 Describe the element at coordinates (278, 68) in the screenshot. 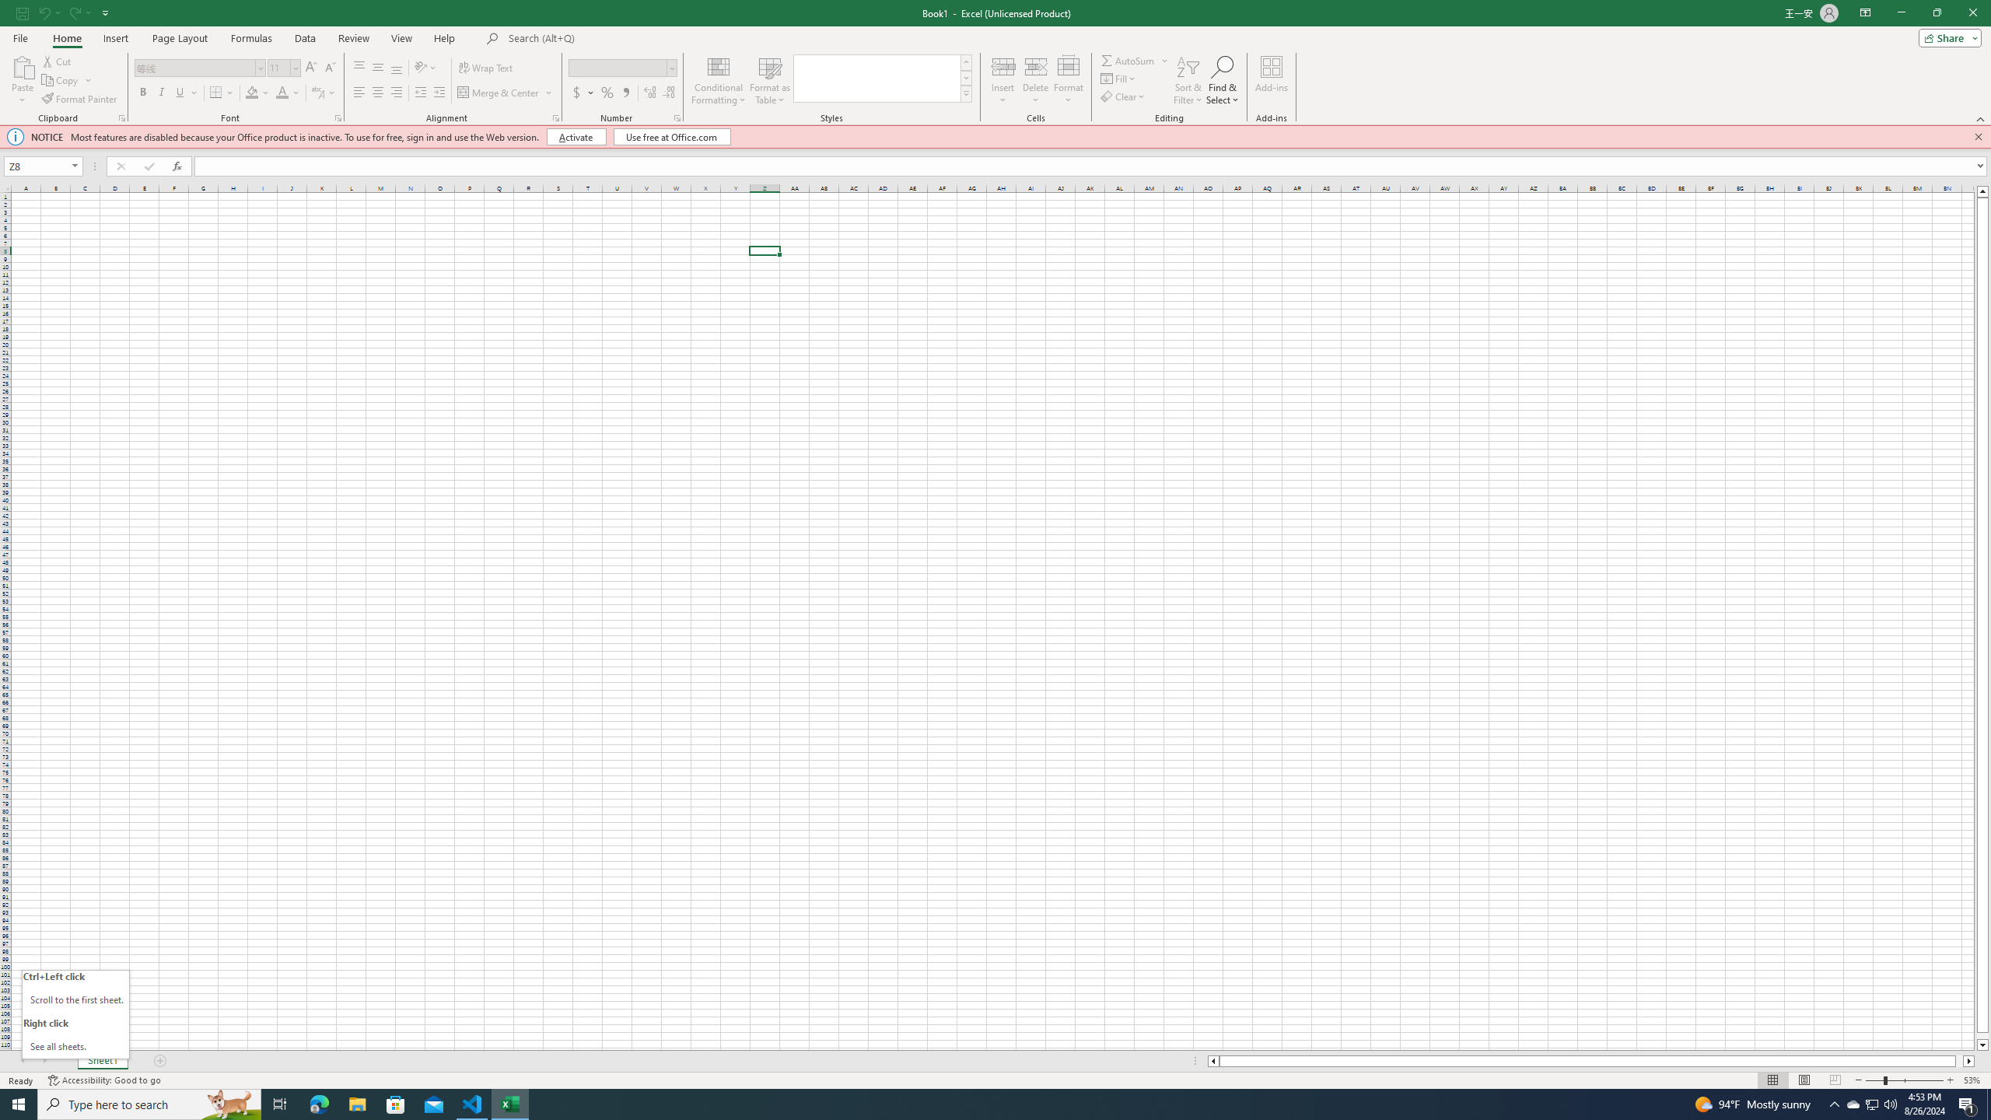

I see `'Font Size'` at that location.